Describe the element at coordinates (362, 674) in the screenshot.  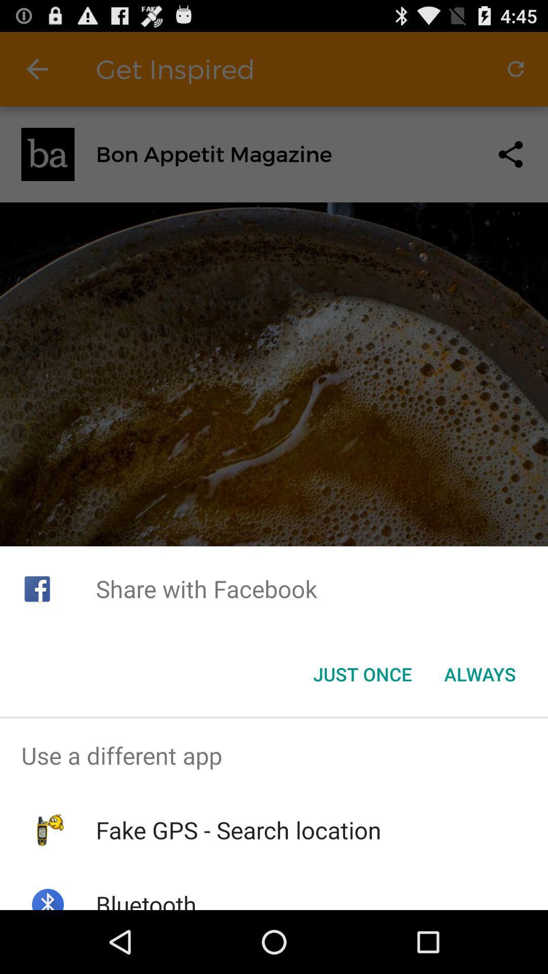
I see `the icon below the share with facebook app` at that location.